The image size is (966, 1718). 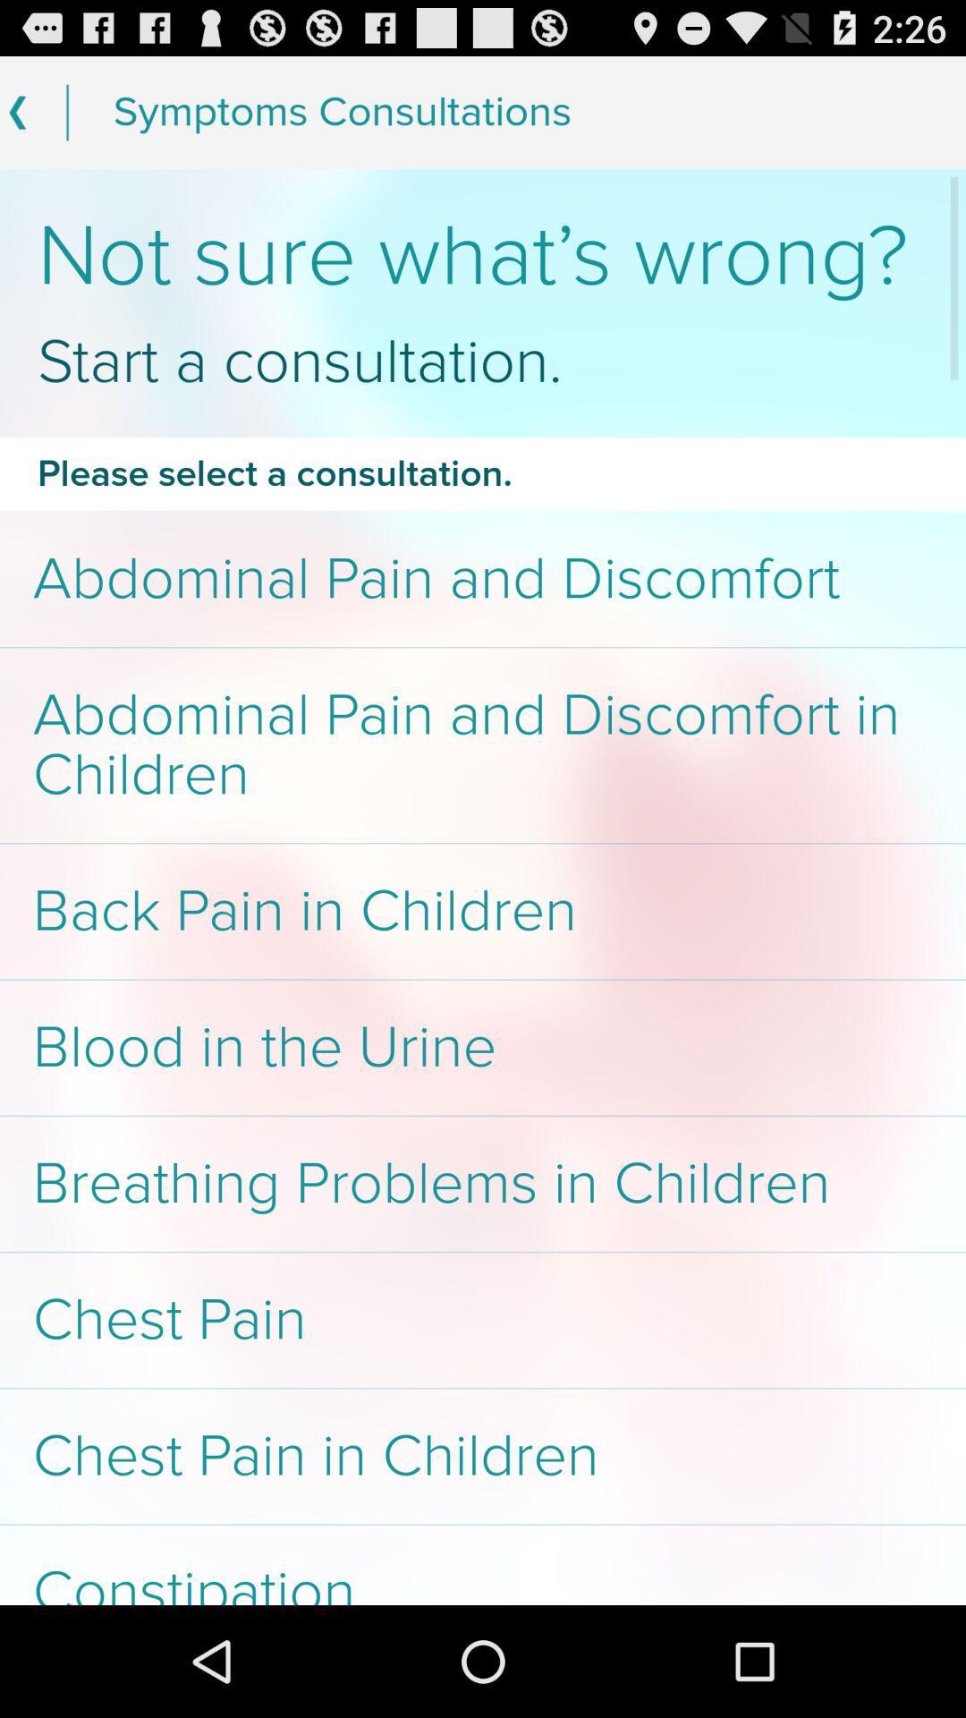 I want to click on the please select a icon, so click(x=483, y=473).